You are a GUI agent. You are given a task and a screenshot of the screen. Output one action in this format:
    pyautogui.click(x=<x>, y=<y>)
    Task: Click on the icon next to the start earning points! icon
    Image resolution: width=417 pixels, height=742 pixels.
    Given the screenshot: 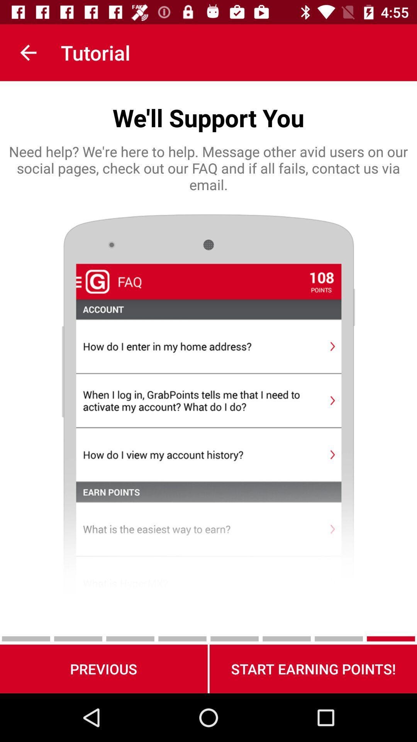 What is the action you would take?
    pyautogui.click(x=103, y=669)
    